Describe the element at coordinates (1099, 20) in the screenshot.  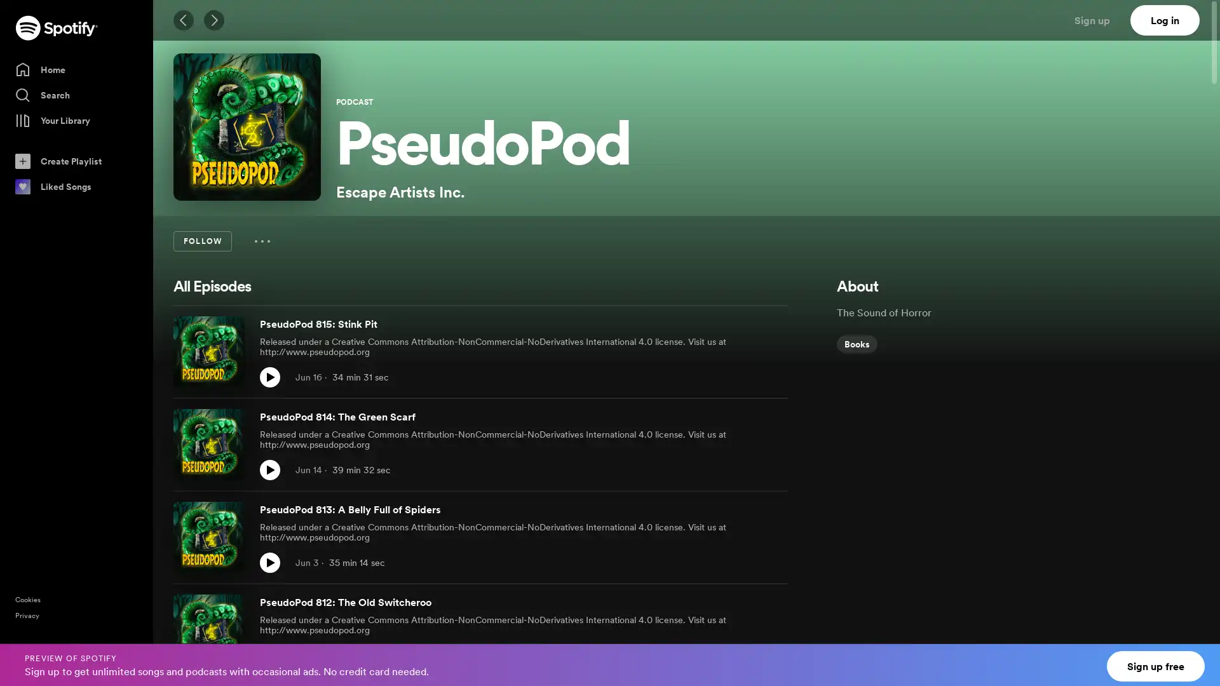
I see `Sign up` at that location.